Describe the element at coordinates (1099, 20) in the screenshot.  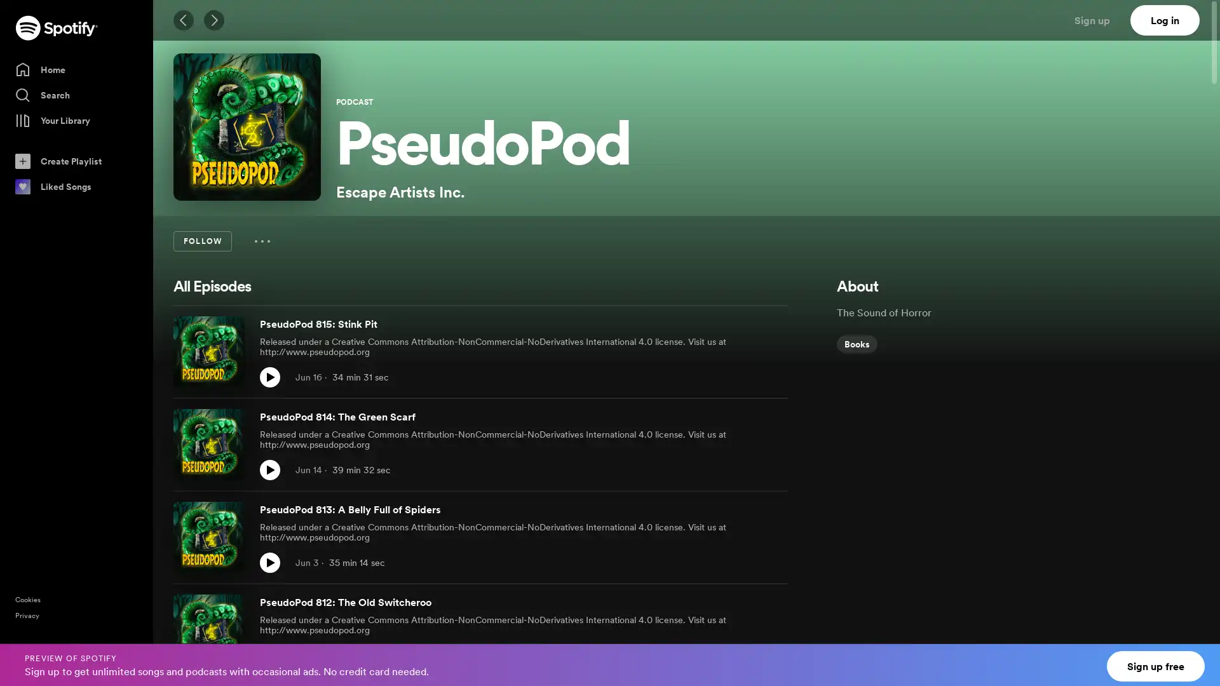
I see `Sign up` at that location.